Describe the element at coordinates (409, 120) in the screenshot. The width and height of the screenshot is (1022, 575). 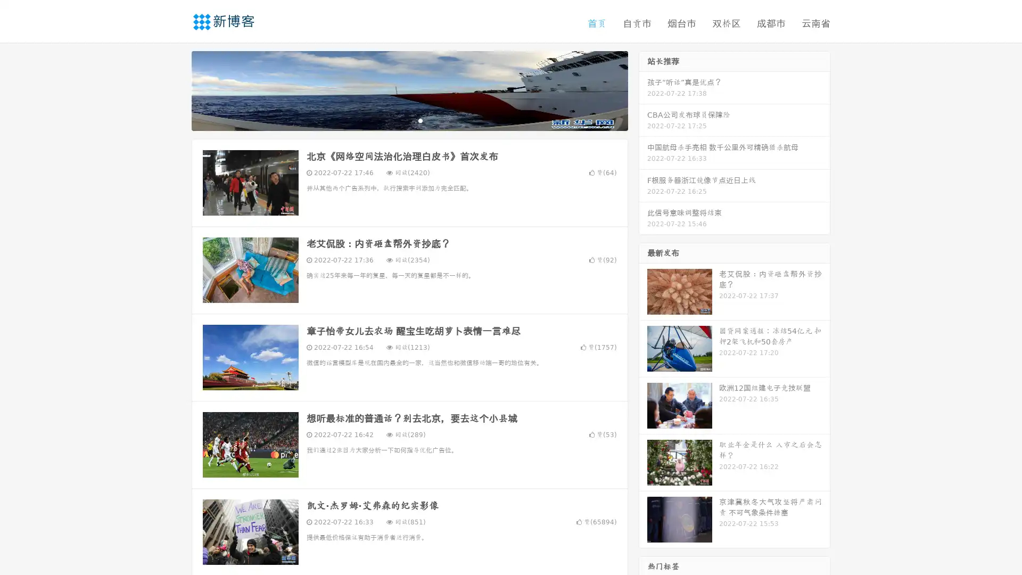
I see `Go to slide 2` at that location.